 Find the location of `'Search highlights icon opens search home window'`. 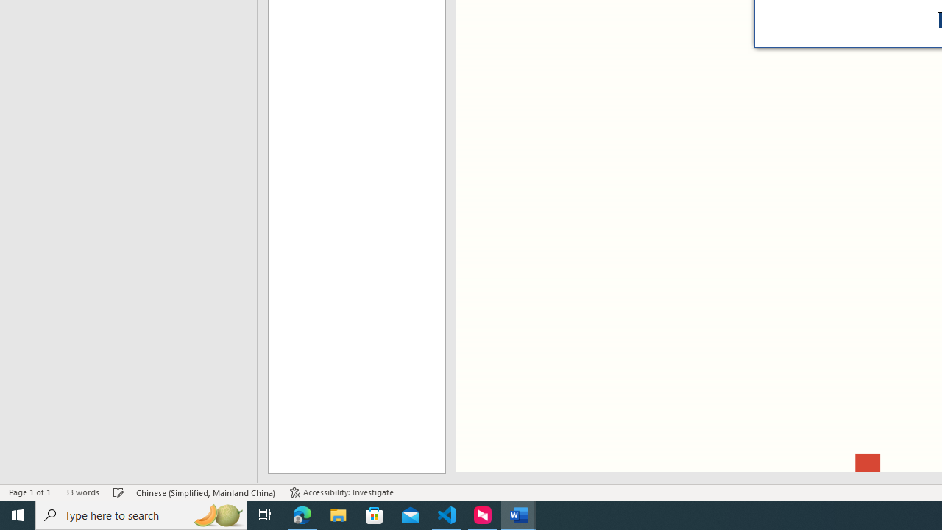

'Search highlights icon opens search home window' is located at coordinates (216, 514).